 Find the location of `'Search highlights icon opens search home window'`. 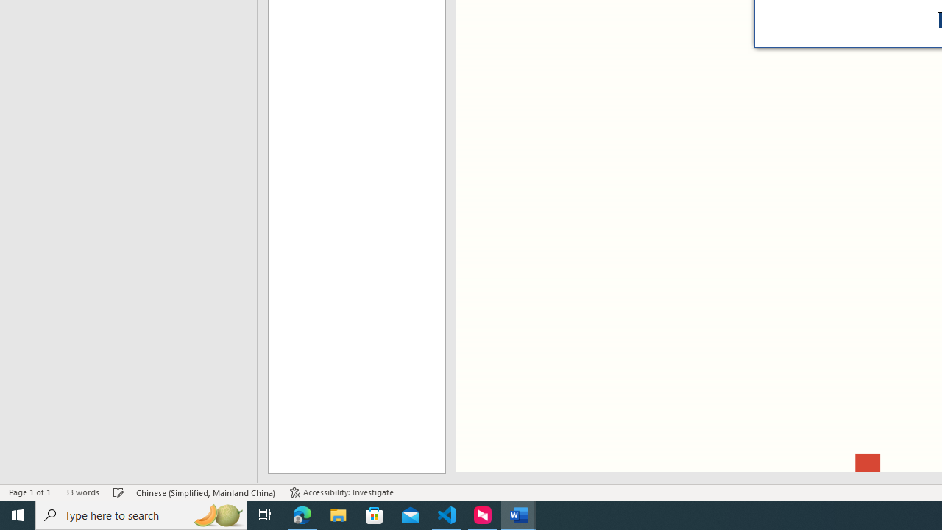

'Search highlights icon opens search home window' is located at coordinates (216, 514).